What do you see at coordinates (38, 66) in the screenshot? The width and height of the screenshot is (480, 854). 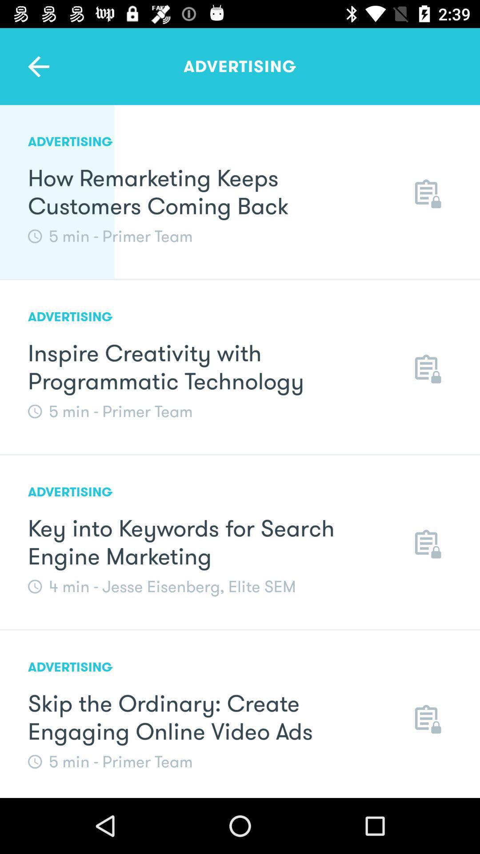 I see `the arrow_backward icon` at bounding box center [38, 66].